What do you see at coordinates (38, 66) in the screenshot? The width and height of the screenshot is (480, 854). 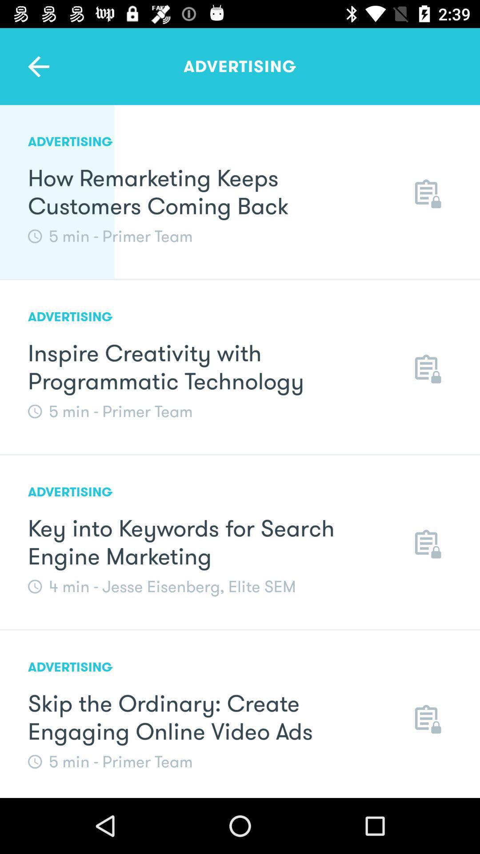 I see `the arrow_backward icon` at bounding box center [38, 66].